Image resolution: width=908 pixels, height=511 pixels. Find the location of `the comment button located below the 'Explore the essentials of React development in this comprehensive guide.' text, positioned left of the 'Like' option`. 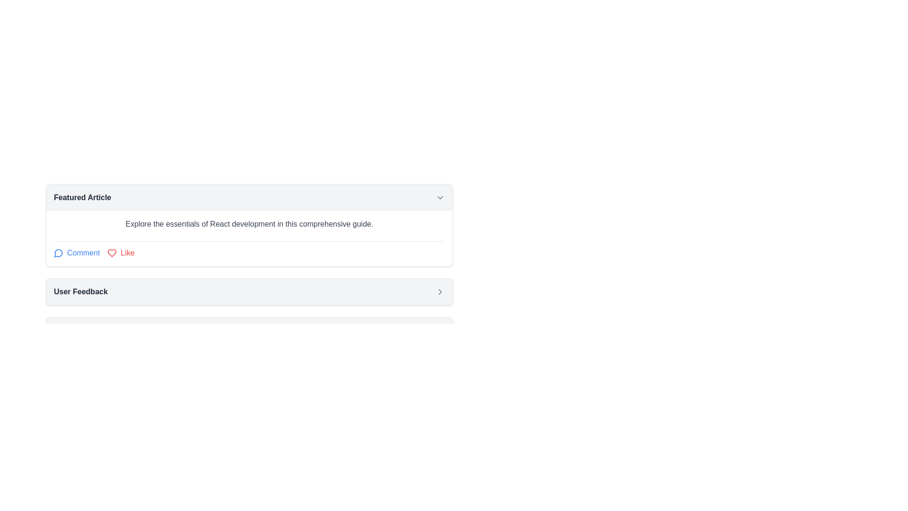

the comment button located below the 'Explore the essentials of React development in this comprehensive guide.' text, positioned left of the 'Like' option is located at coordinates (77, 253).